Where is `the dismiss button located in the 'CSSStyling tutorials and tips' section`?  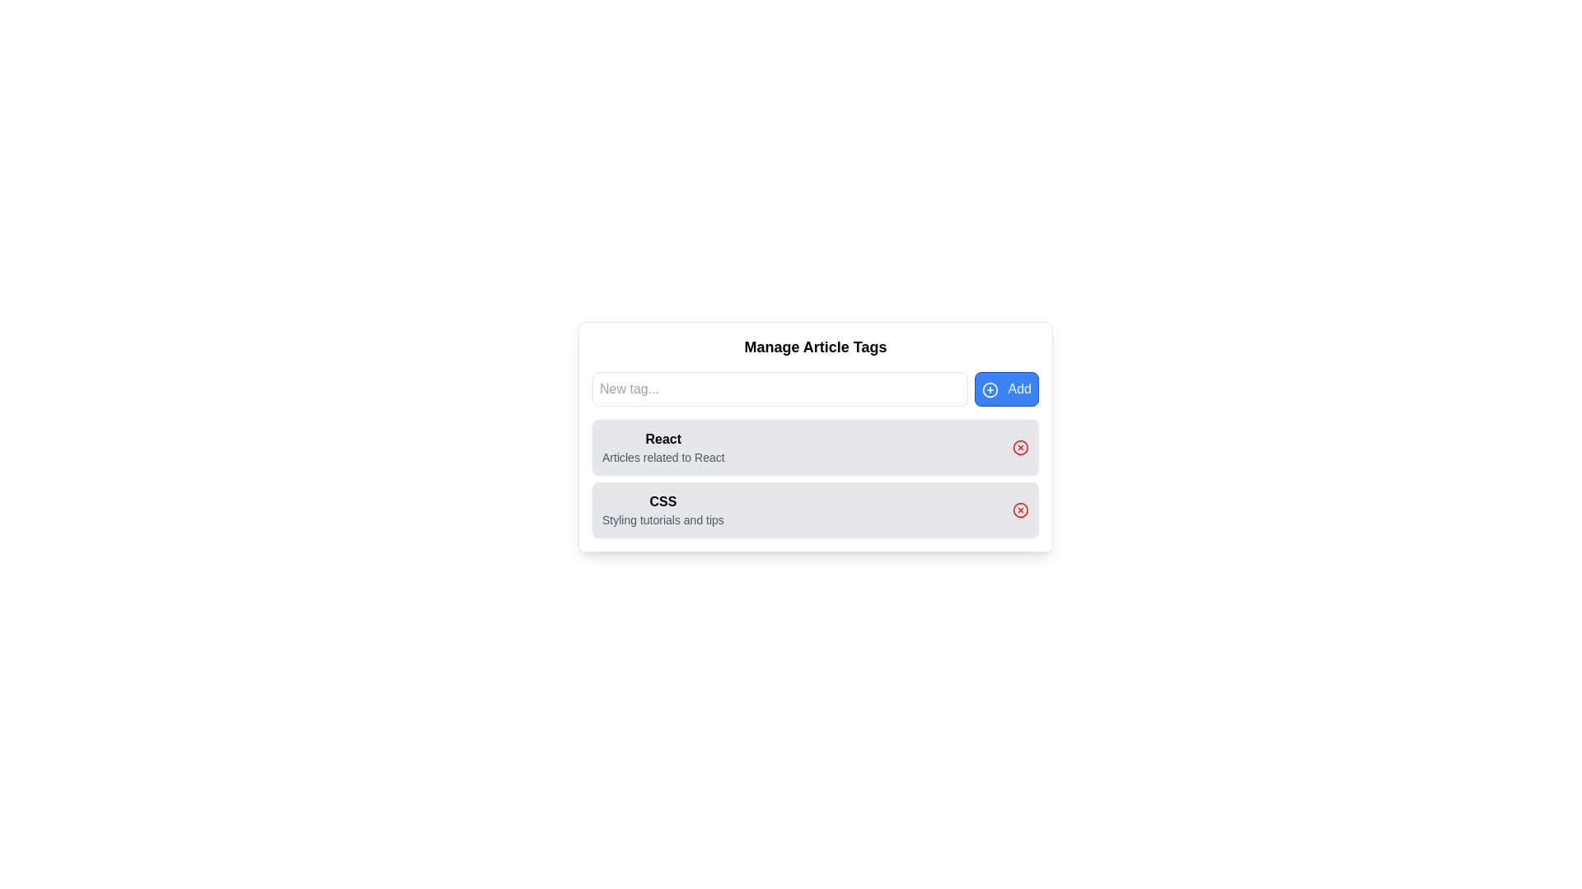 the dismiss button located in the 'CSSStyling tutorials and tips' section is located at coordinates (1019, 510).